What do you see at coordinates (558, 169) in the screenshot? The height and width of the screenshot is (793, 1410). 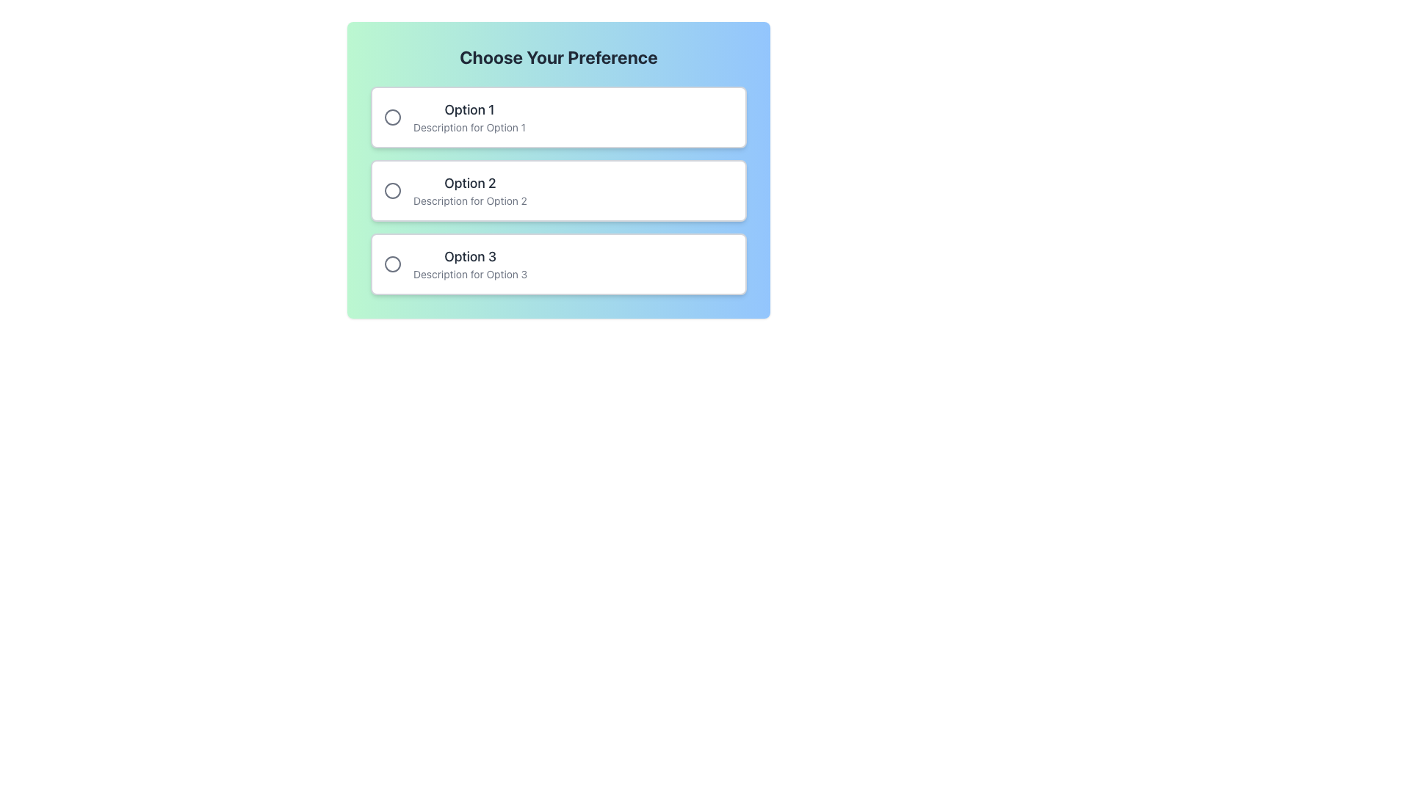 I see `the second selectable list item, labeled 'Option 2'` at bounding box center [558, 169].